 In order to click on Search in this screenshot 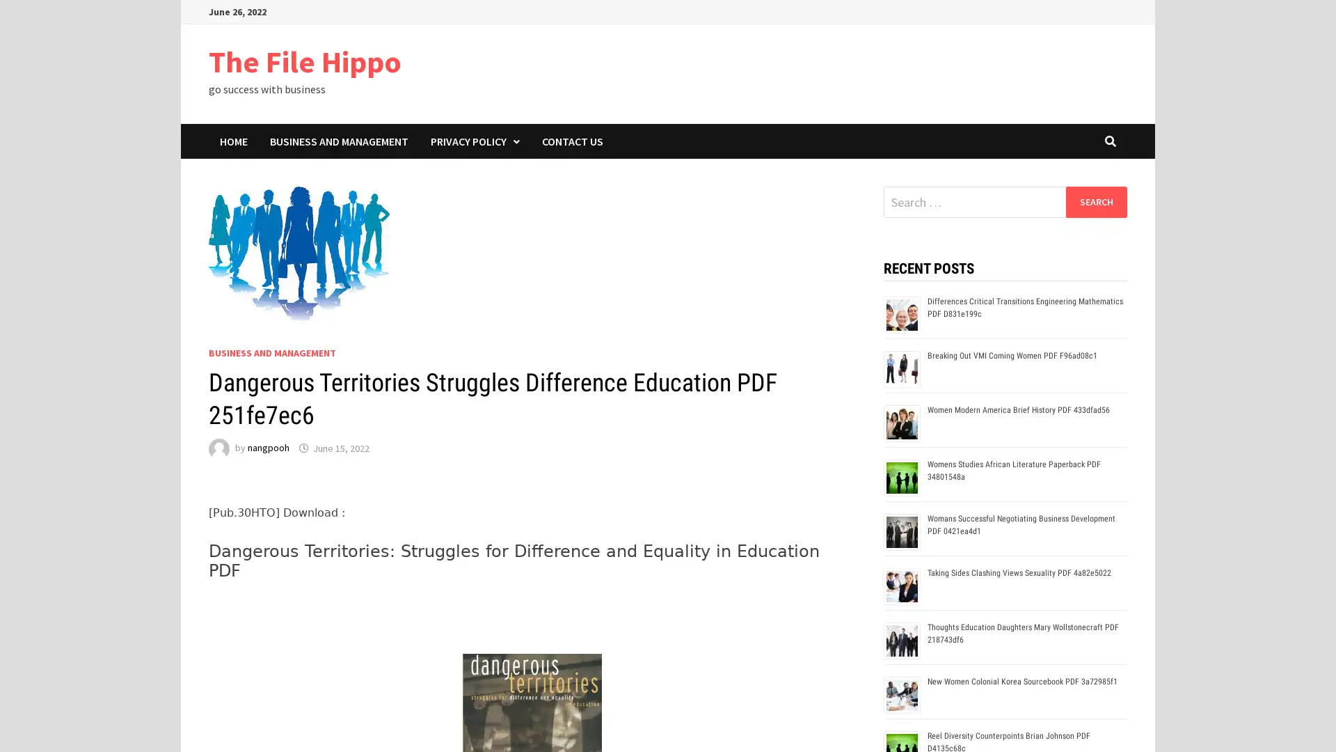, I will do `click(1095, 201)`.